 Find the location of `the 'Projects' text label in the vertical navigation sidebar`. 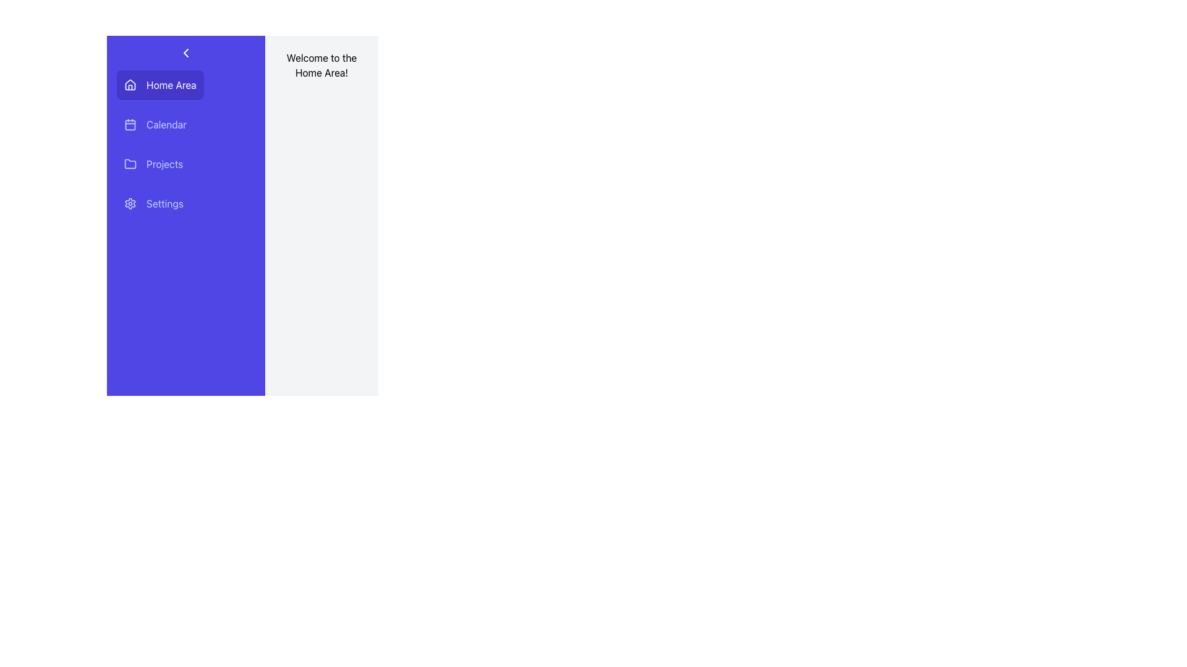

the 'Projects' text label in the vertical navigation sidebar is located at coordinates (164, 164).